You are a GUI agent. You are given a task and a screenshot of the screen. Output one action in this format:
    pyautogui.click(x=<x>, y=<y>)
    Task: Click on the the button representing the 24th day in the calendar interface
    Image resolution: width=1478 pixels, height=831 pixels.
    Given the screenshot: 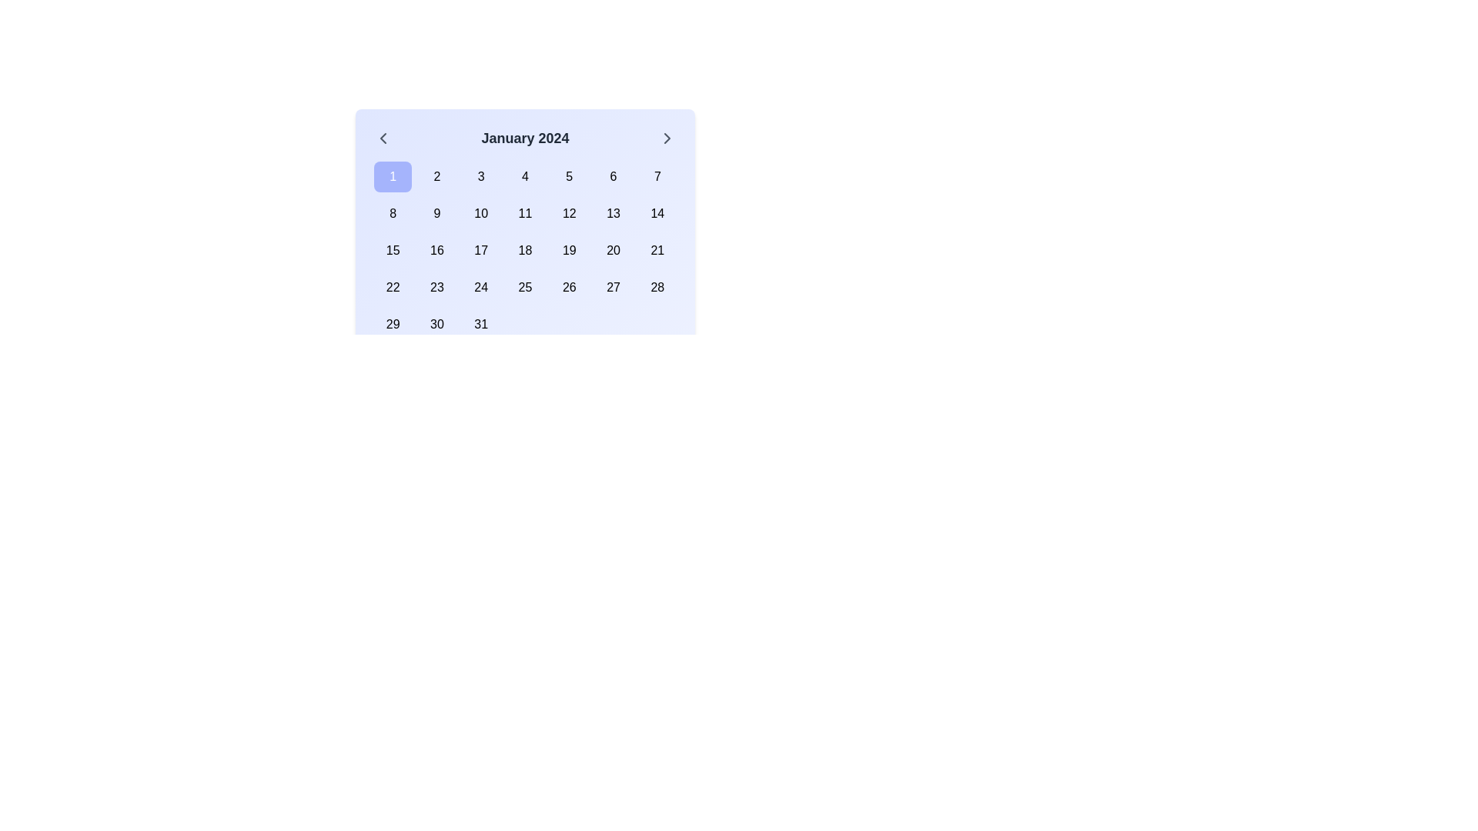 What is the action you would take?
    pyautogui.click(x=480, y=288)
    